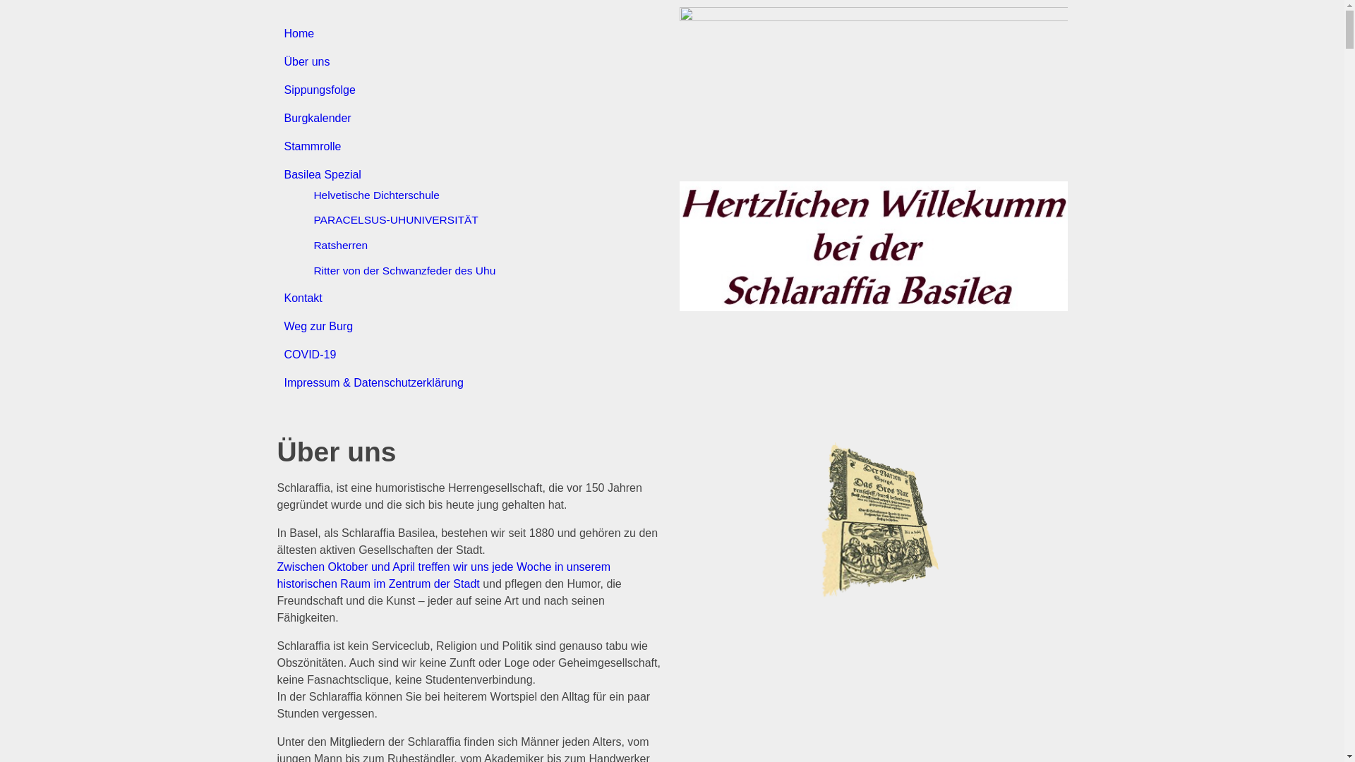 The width and height of the screenshot is (1355, 762). Describe the element at coordinates (308, 353) in the screenshot. I see `'COVID-19'` at that location.